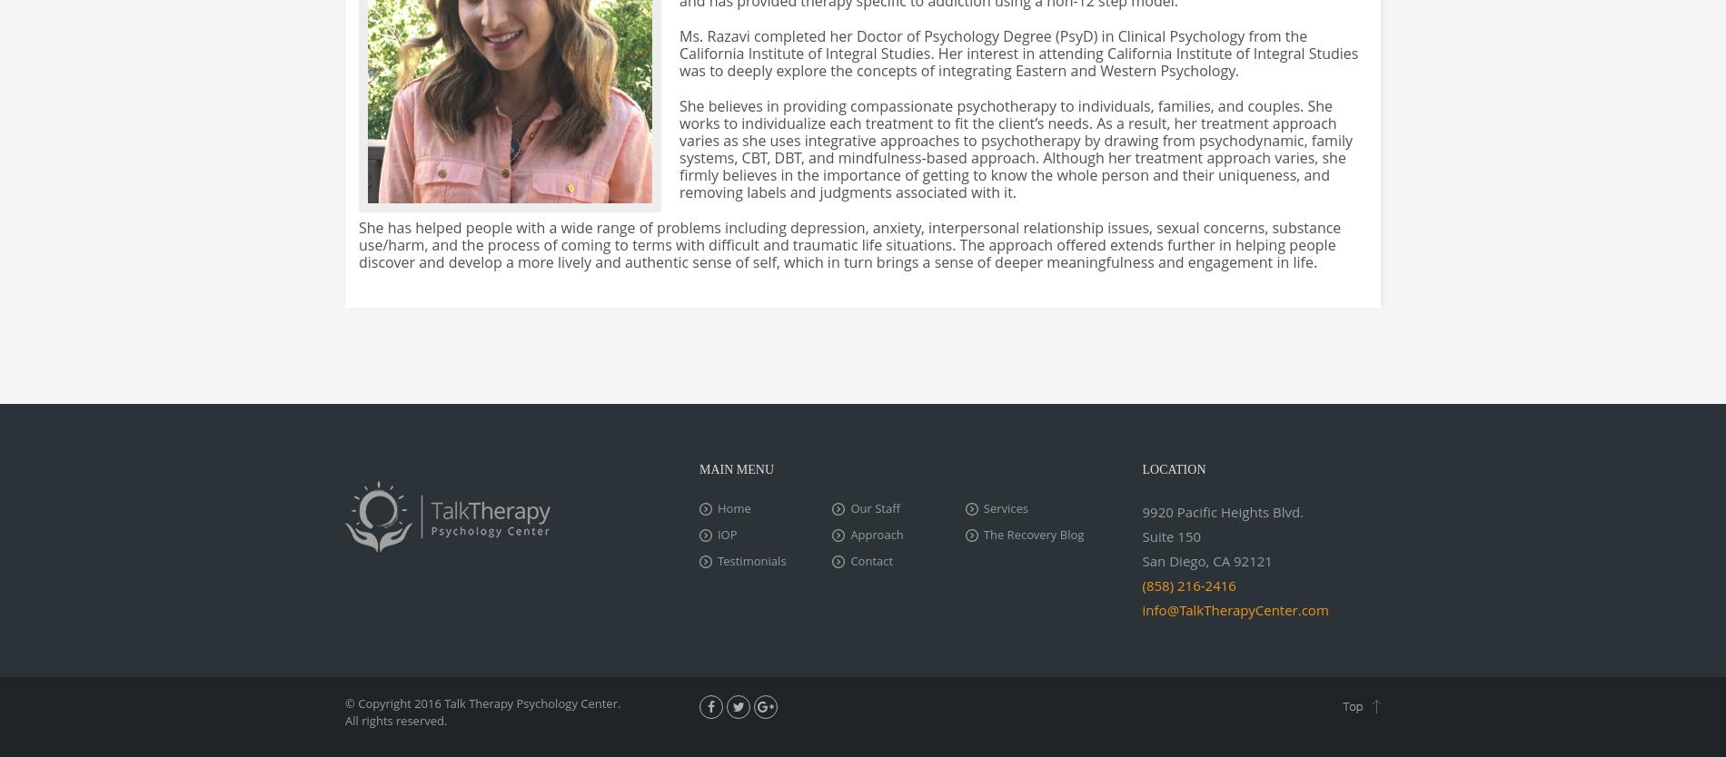 The width and height of the screenshot is (1726, 757). Describe the element at coordinates (1205, 560) in the screenshot. I see `'San Diego, CA 92121'` at that location.